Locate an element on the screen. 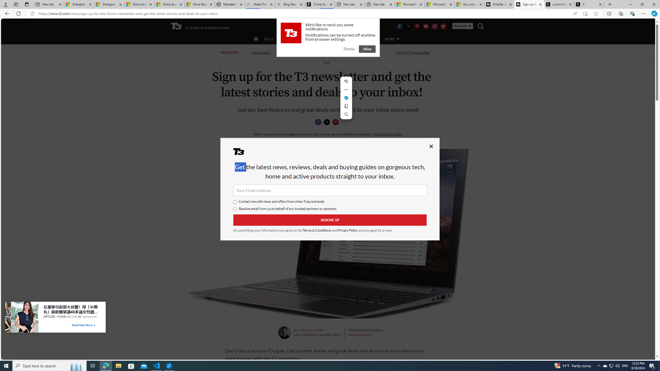 Image resolution: width=660 pixels, height=371 pixels. 'Hide menu' is located at coordinates (346, 81).